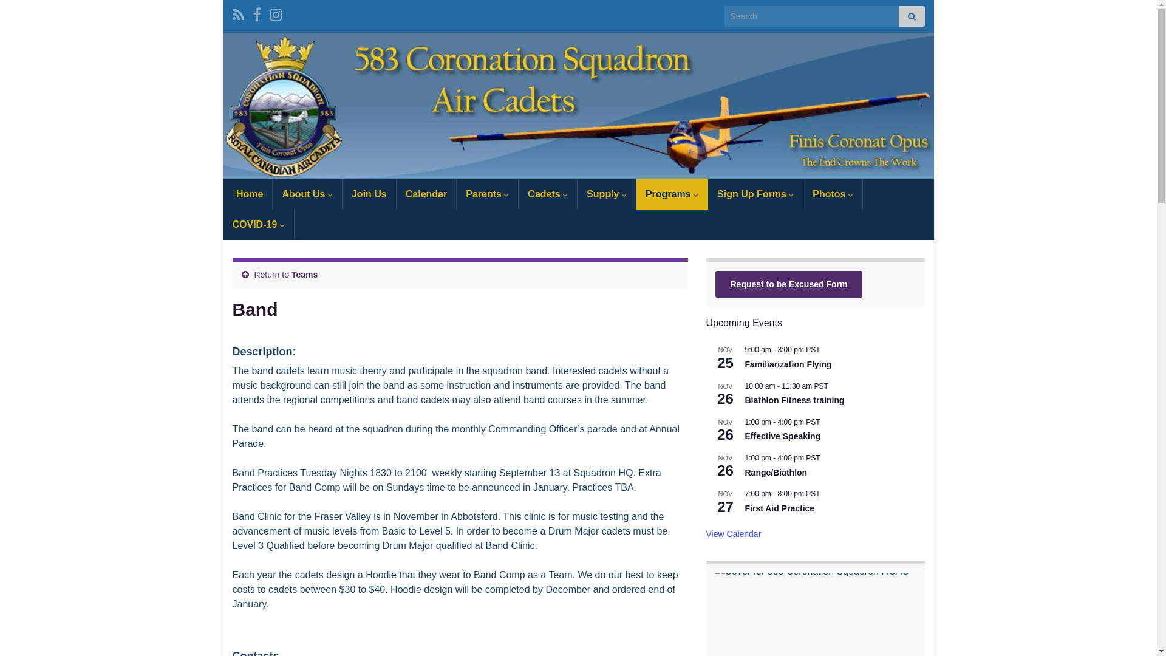  I want to click on 'Supply', so click(576, 194).